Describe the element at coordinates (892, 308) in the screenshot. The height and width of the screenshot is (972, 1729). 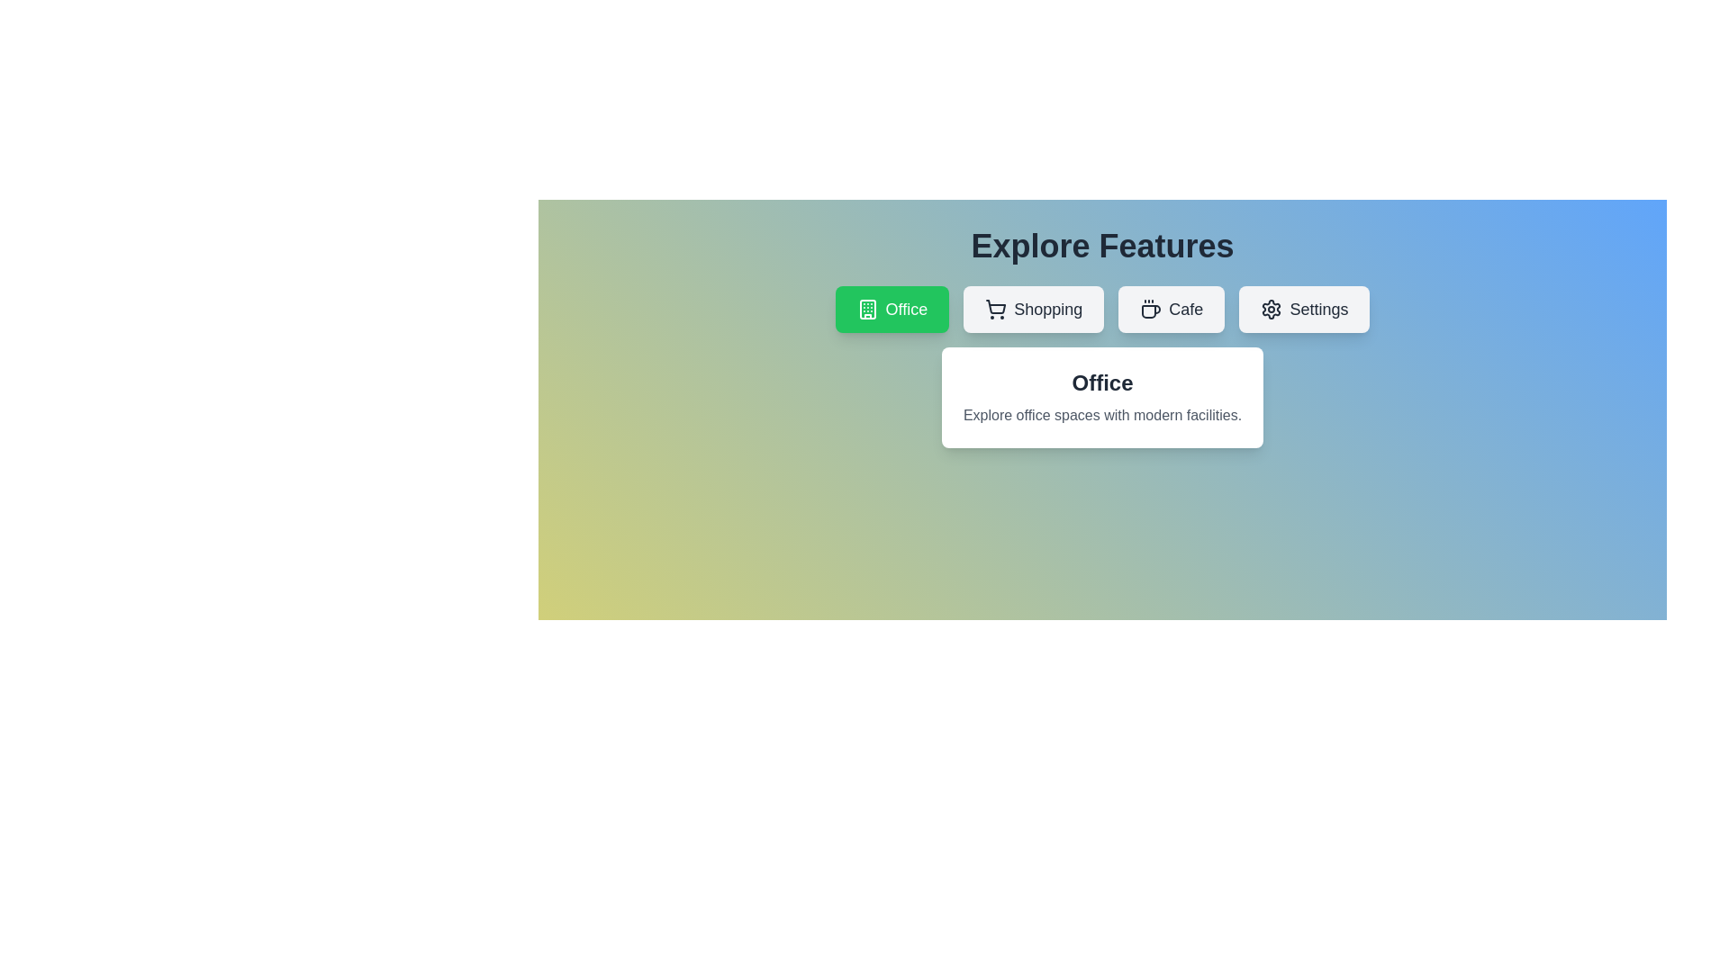
I see `the button labeled Office to observe its hover effect` at that location.